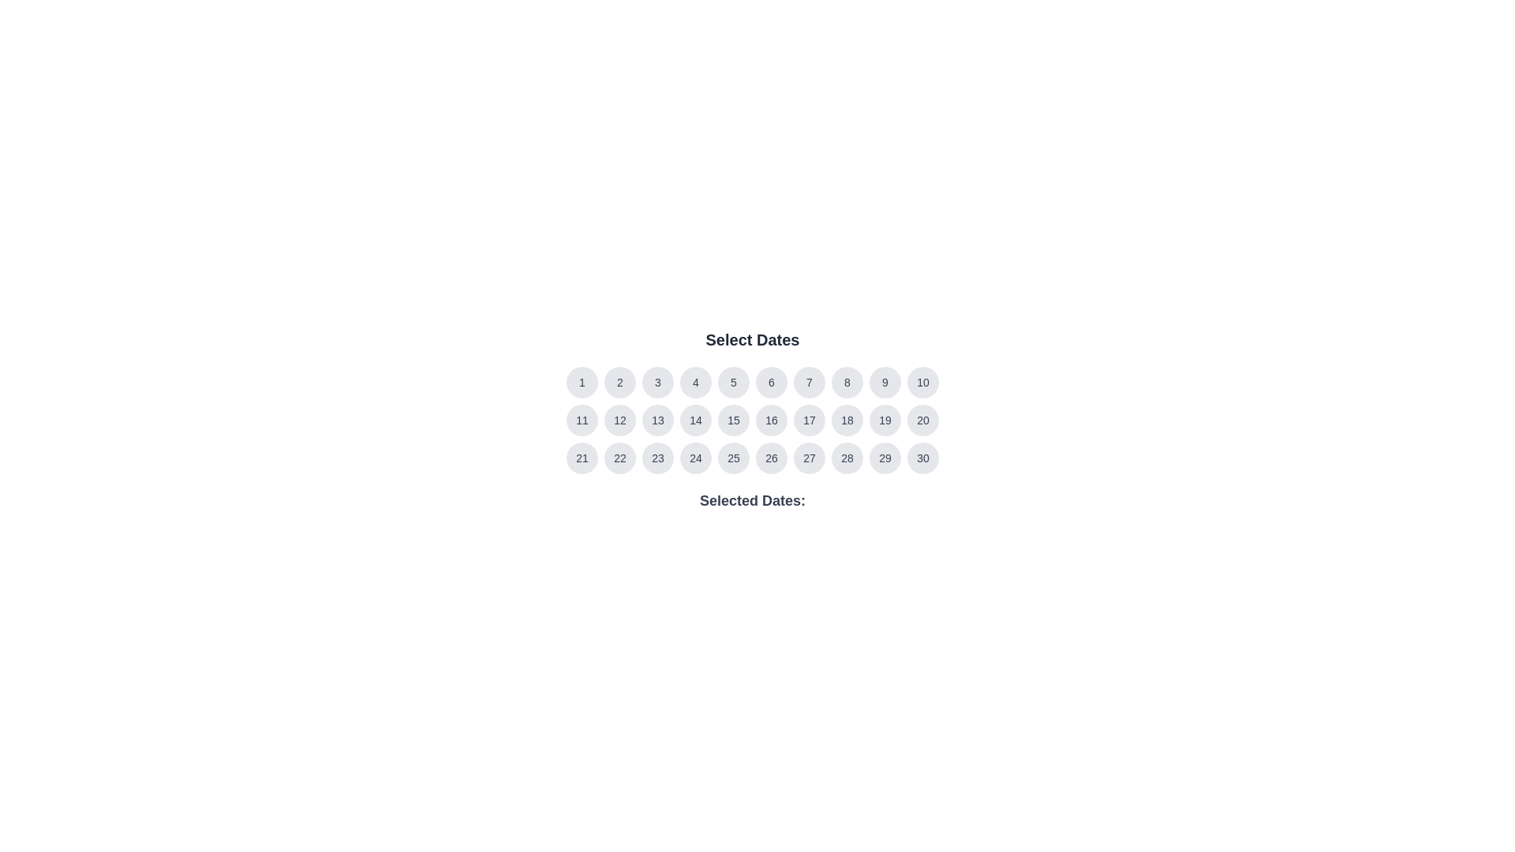 The image size is (1515, 852). Describe the element at coordinates (658, 458) in the screenshot. I see `the button representing the 23rd item in the date selection interface` at that location.